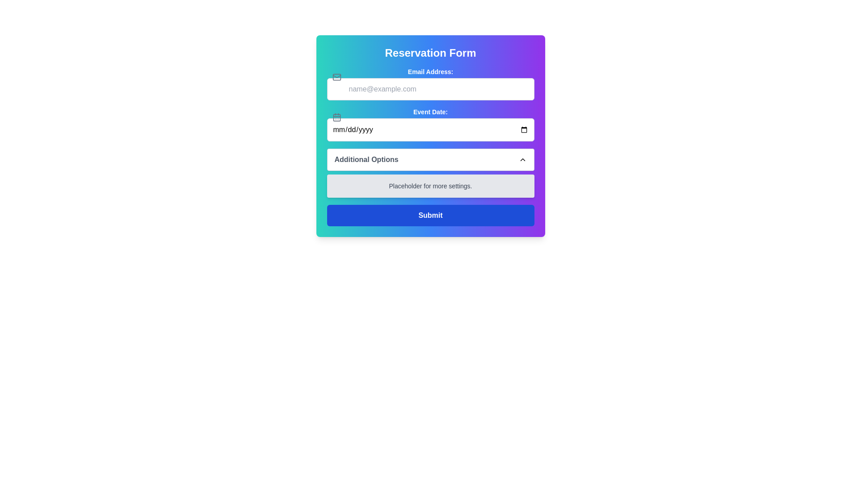 Image resolution: width=858 pixels, height=482 pixels. What do you see at coordinates (336, 77) in the screenshot?
I see `the Icon segment of the mail icon, which is part of the input field for entering an email address located to the left edge of the input field labeled 'Email Address'` at bounding box center [336, 77].